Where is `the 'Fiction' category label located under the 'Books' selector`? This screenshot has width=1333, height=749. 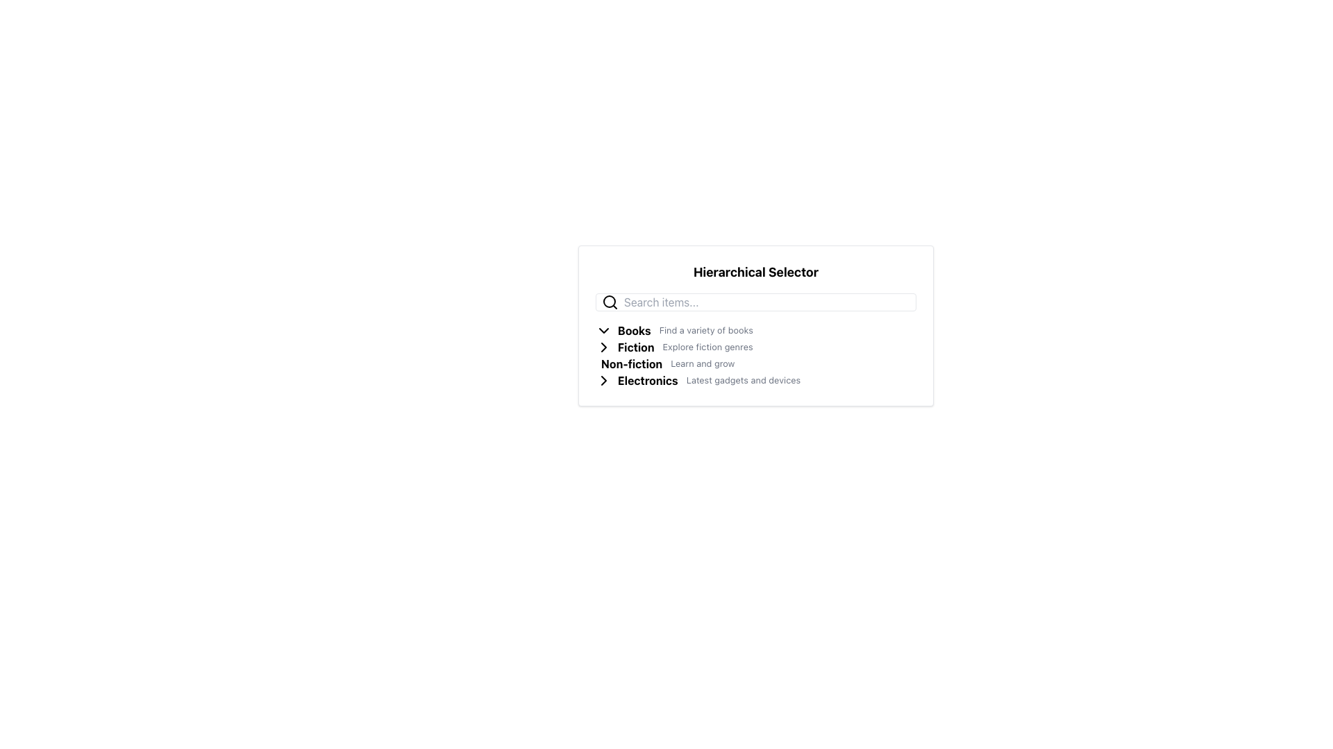
the 'Fiction' category label located under the 'Books' selector is located at coordinates (635, 347).